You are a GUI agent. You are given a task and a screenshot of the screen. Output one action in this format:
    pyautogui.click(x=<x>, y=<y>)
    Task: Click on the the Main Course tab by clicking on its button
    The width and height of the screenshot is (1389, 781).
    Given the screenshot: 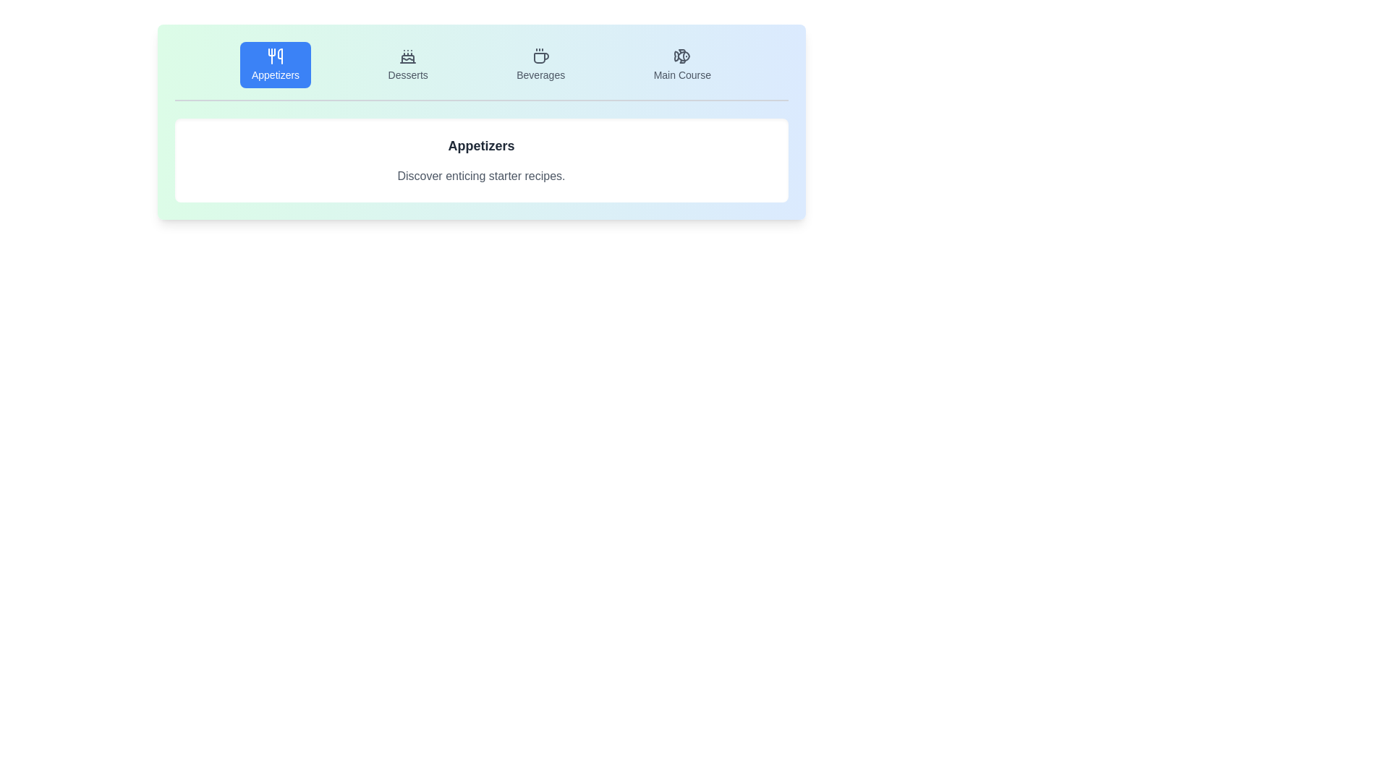 What is the action you would take?
    pyautogui.click(x=681, y=64)
    